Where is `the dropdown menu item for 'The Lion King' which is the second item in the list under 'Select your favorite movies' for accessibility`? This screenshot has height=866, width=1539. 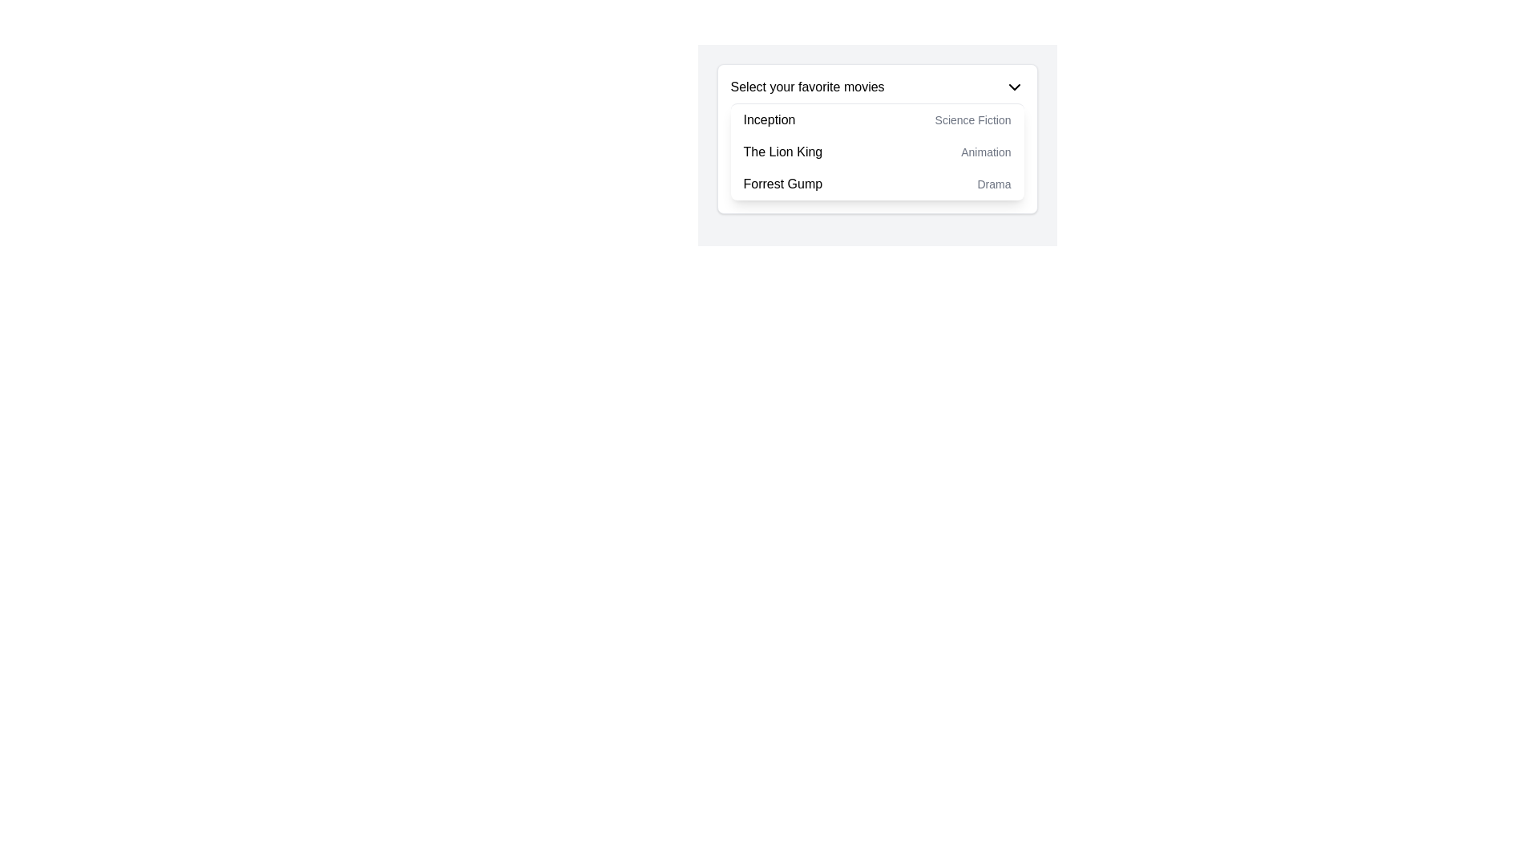 the dropdown menu item for 'The Lion King' which is the second item in the list under 'Select your favorite movies' for accessibility is located at coordinates (876, 152).